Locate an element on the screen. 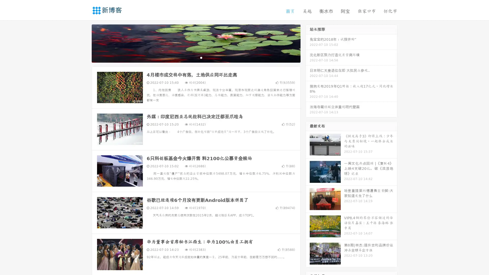 The image size is (489, 275). Go to slide 3 is located at coordinates (201, 57).